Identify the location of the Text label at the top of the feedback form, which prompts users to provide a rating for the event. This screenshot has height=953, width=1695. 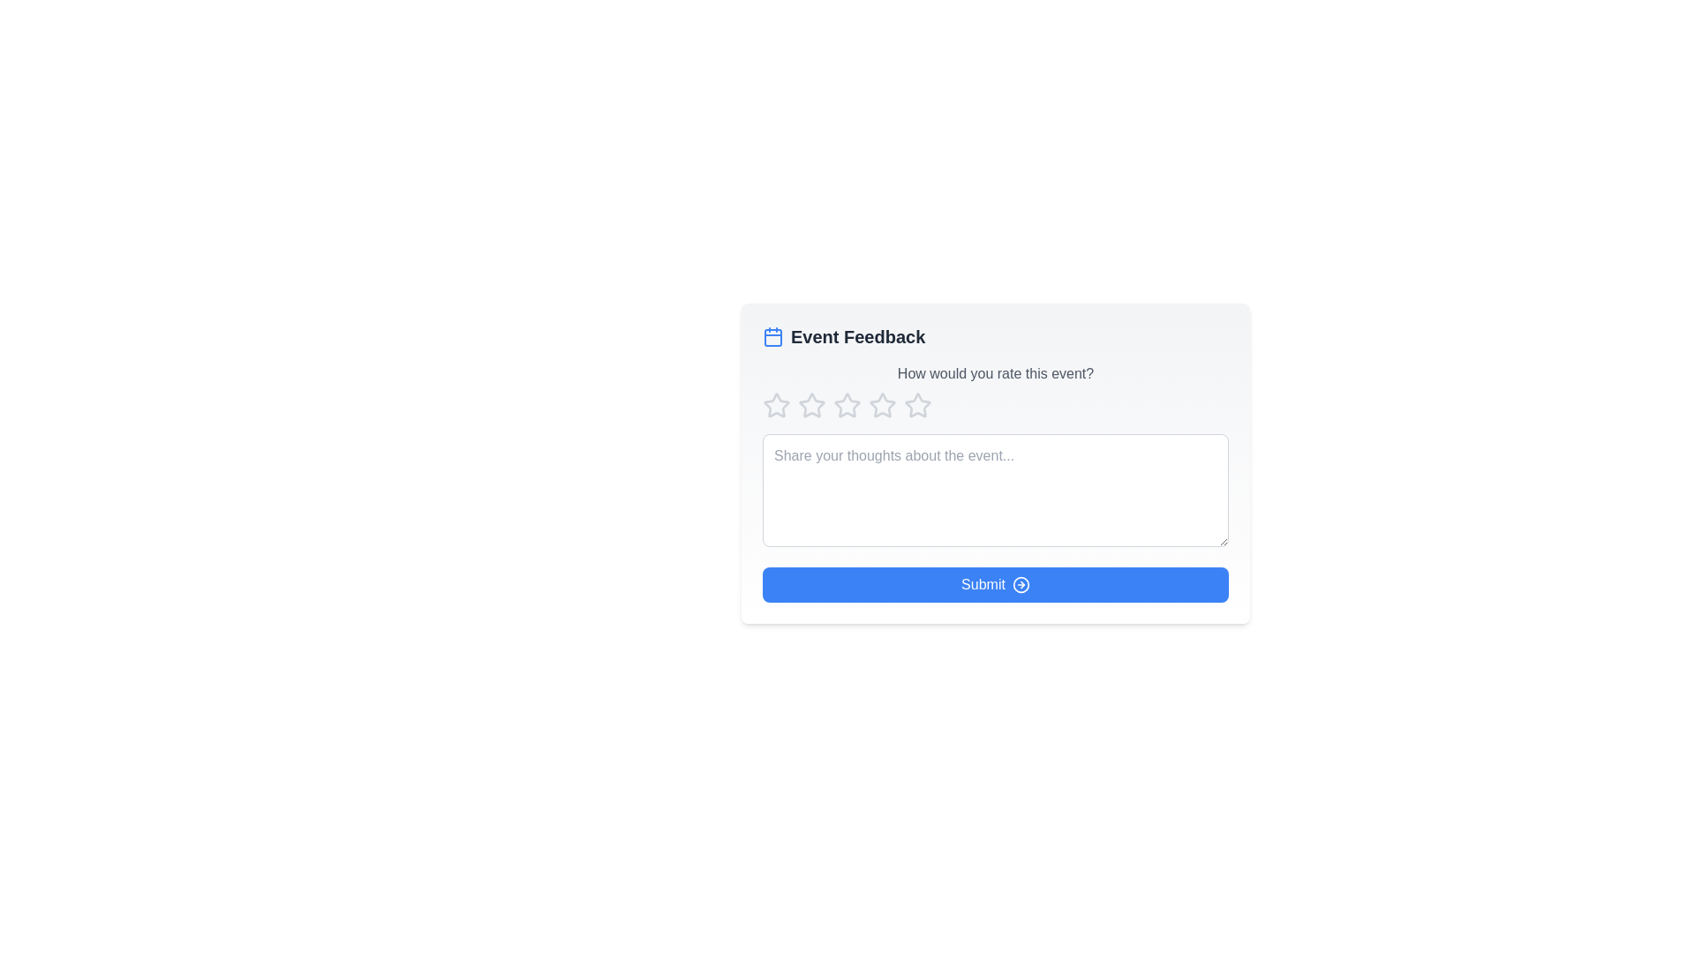
(996, 373).